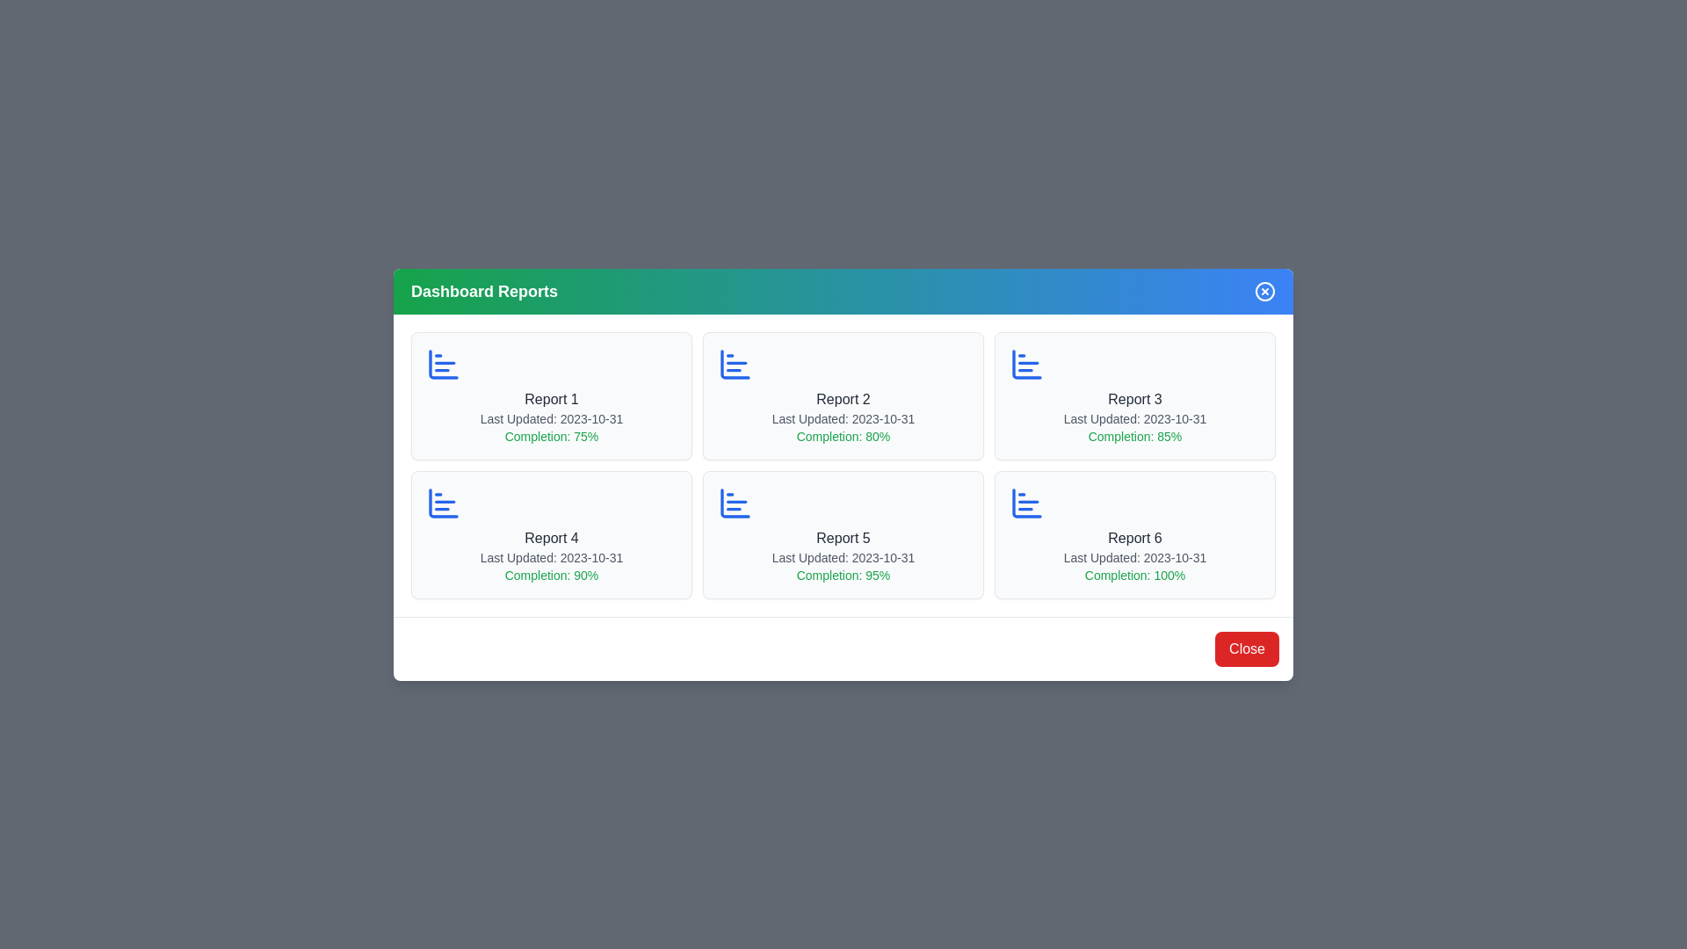  I want to click on red 'Close' button at the footer of the dialog, so click(1246, 648).